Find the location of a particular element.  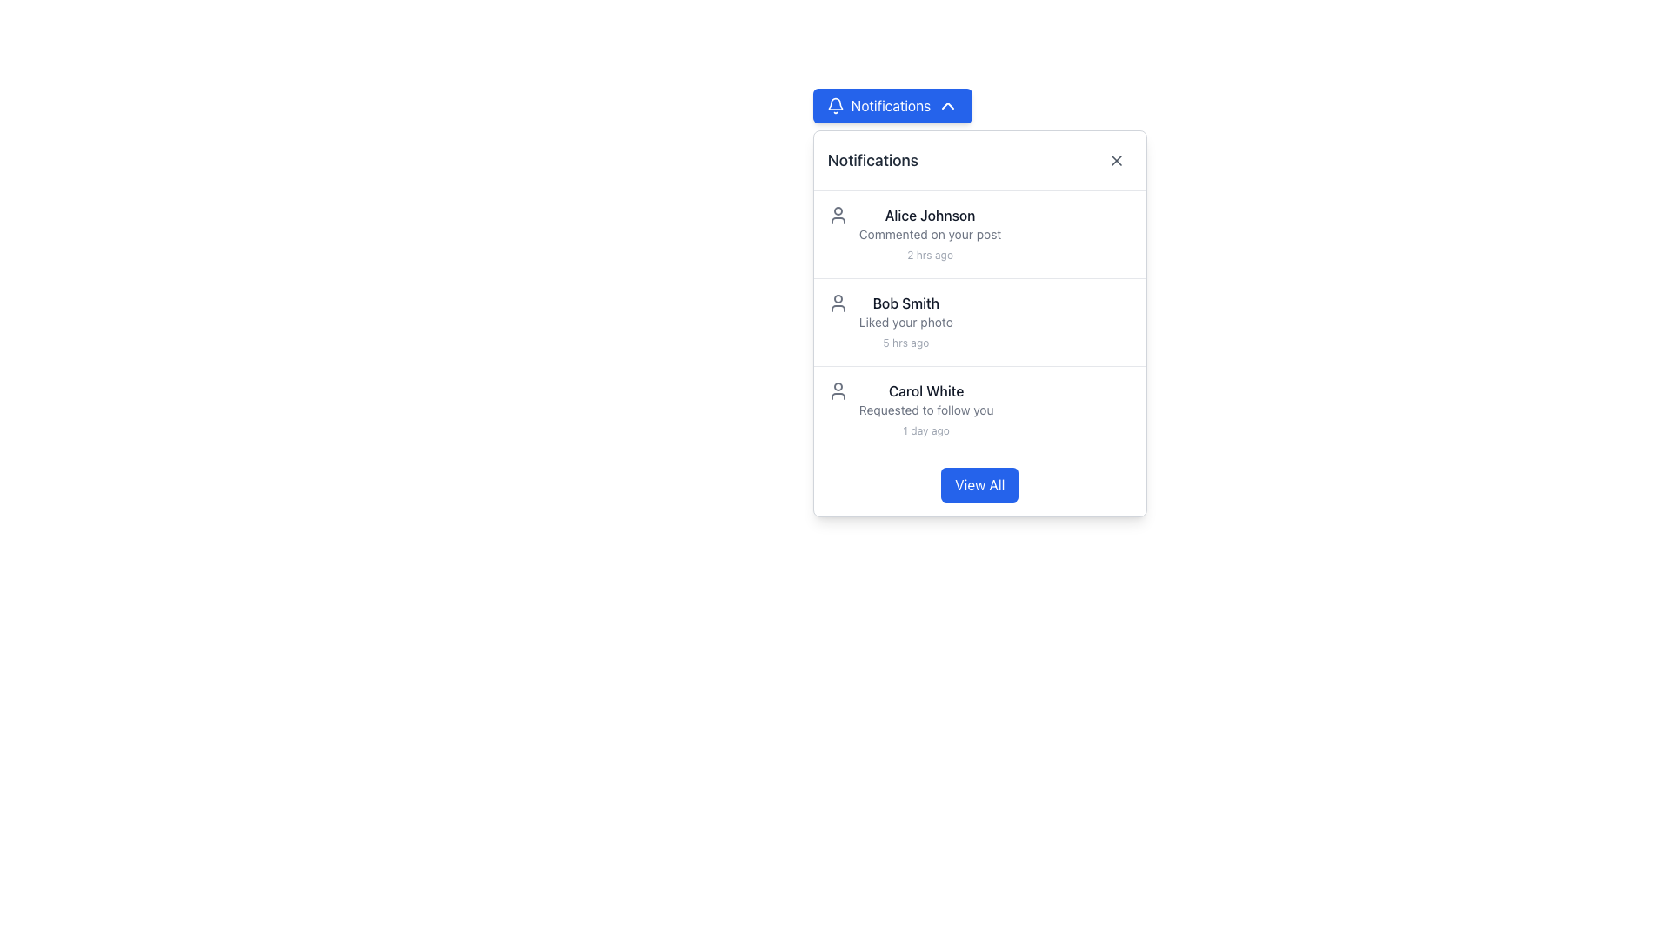

the chevron icon is located at coordinates (947, 106).